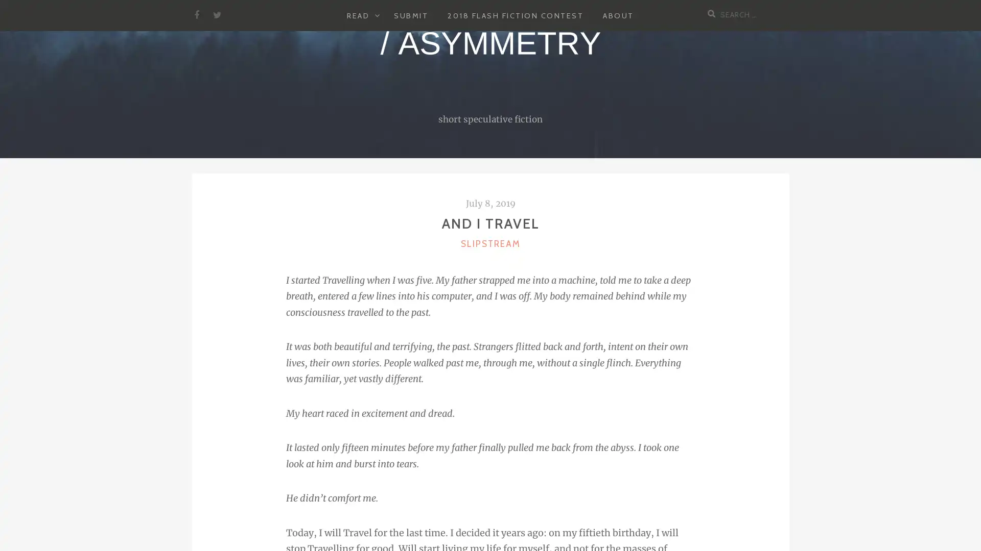 This screenshot has height=551, width=981. Describe the element at coordinates (376, 15) in the screenshot. I see `EXPAND CHILD MENU` at that location.